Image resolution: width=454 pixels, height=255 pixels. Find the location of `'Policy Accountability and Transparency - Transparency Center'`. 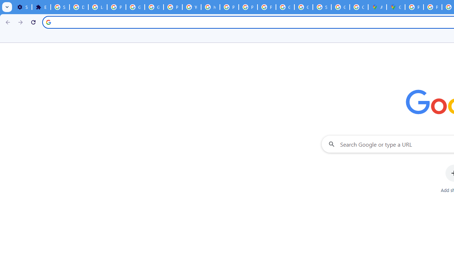

'Policy Accountability and Transparency - Transparency Center' is located at coordinates (414, 7).